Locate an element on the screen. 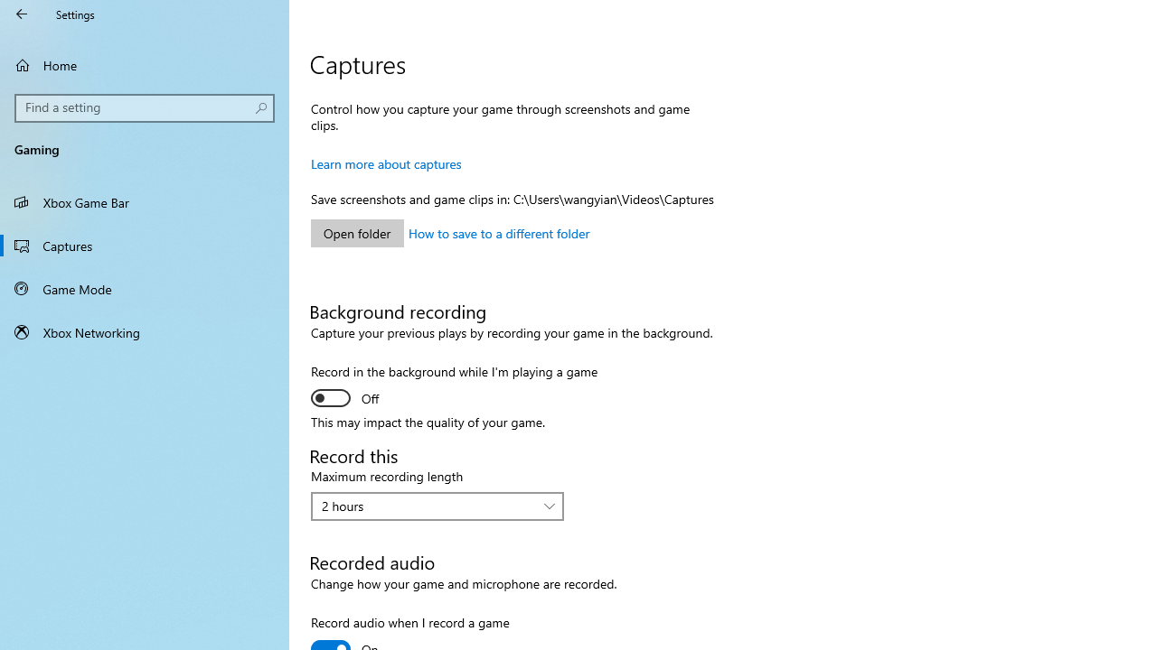  'Captures' is located at coordinates (145, 245).